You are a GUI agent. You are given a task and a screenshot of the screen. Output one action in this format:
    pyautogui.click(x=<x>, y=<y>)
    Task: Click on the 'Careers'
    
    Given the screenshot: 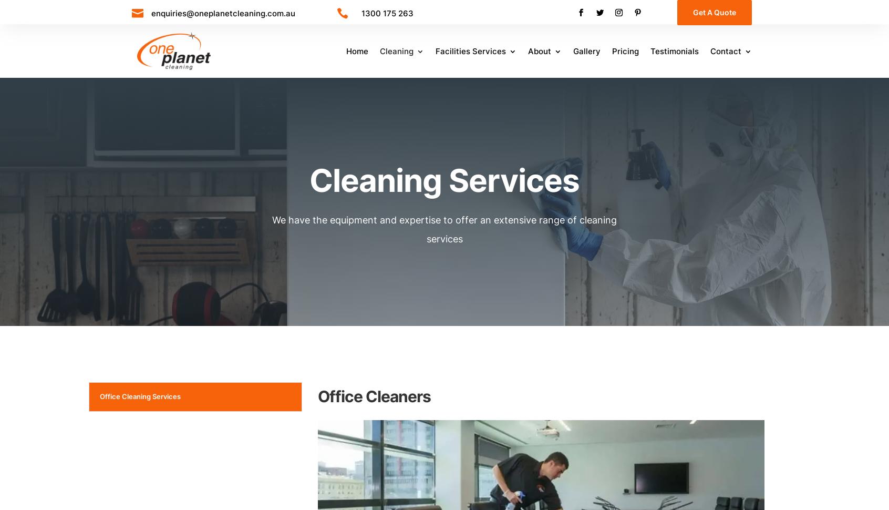 What is the action you would take?
    pyautogui.click(x=558, y=80)
    